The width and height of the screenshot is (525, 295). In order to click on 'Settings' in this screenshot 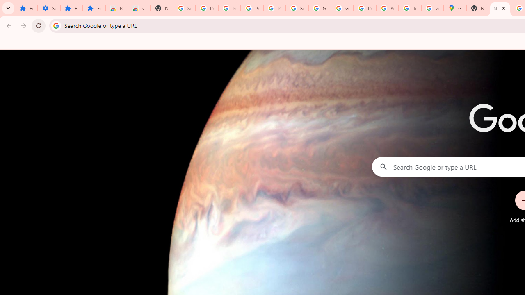, I will do `click(48, 8)`.